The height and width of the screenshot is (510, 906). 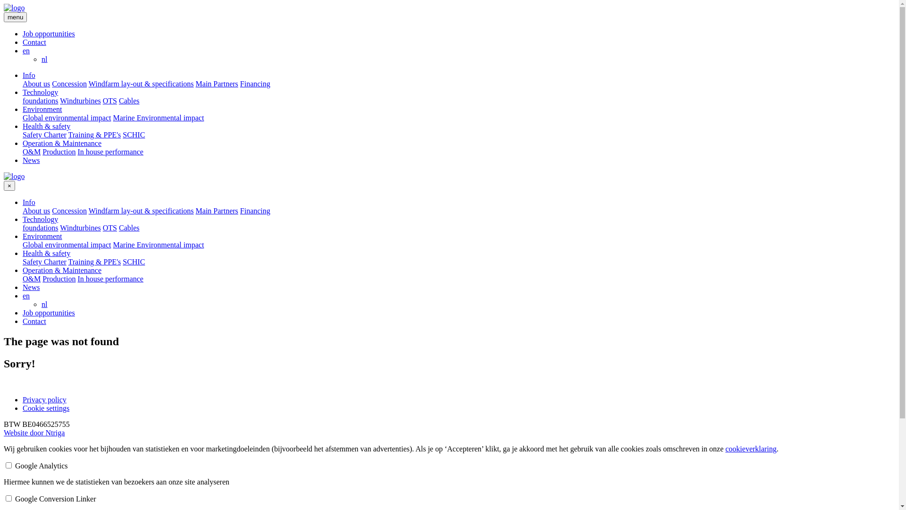 I want to click on 'Production', so click(x=58, y=278).